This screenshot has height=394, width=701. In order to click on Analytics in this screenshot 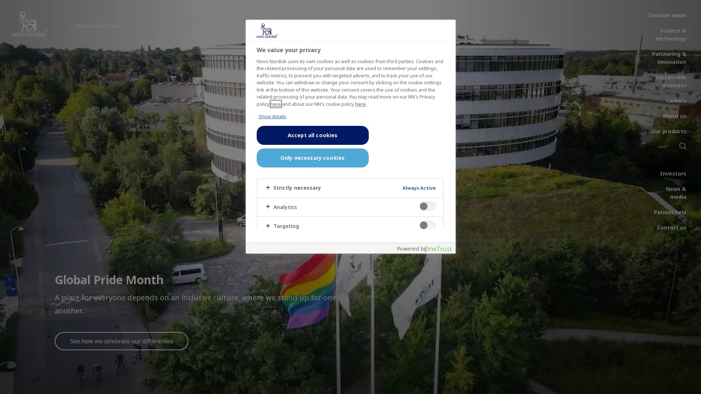, I will do `click(349, 207)`.